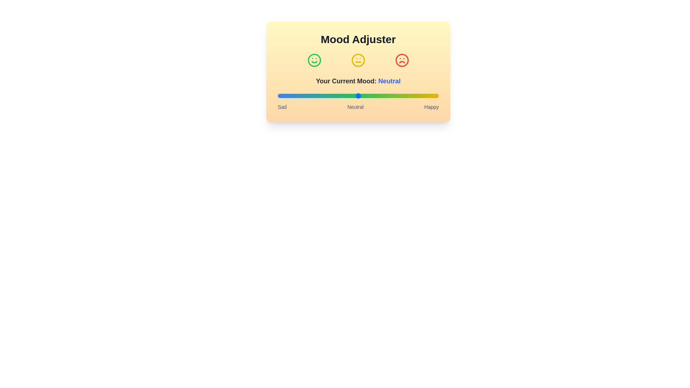 The height and width of the screenshot is (388, 690). Describe the element at coordinates (289, 95) in the screenshot. I see `the mood slider to the desired level 7` at that location.